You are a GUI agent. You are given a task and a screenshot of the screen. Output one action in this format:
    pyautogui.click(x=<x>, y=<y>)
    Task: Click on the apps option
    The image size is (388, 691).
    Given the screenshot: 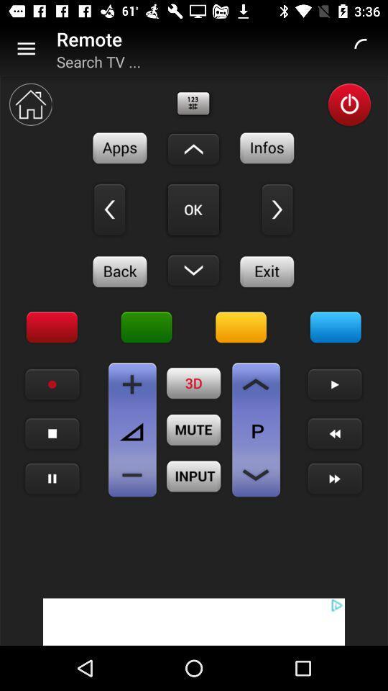 What is the action you would take?
    pyautogui.click(x=119, y=148)
    